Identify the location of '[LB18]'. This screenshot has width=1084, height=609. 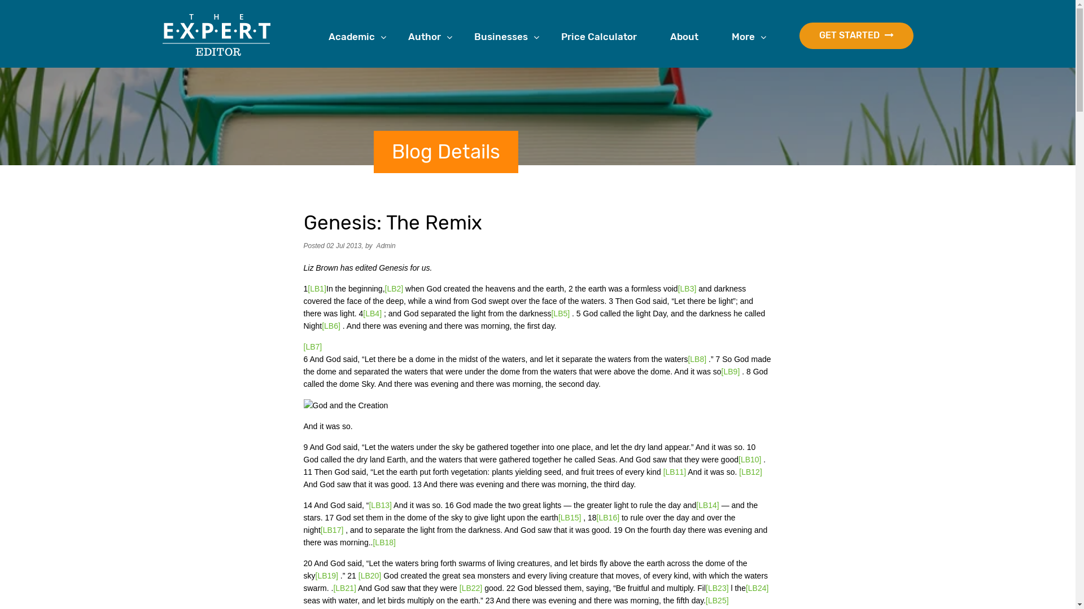
(384, 541).